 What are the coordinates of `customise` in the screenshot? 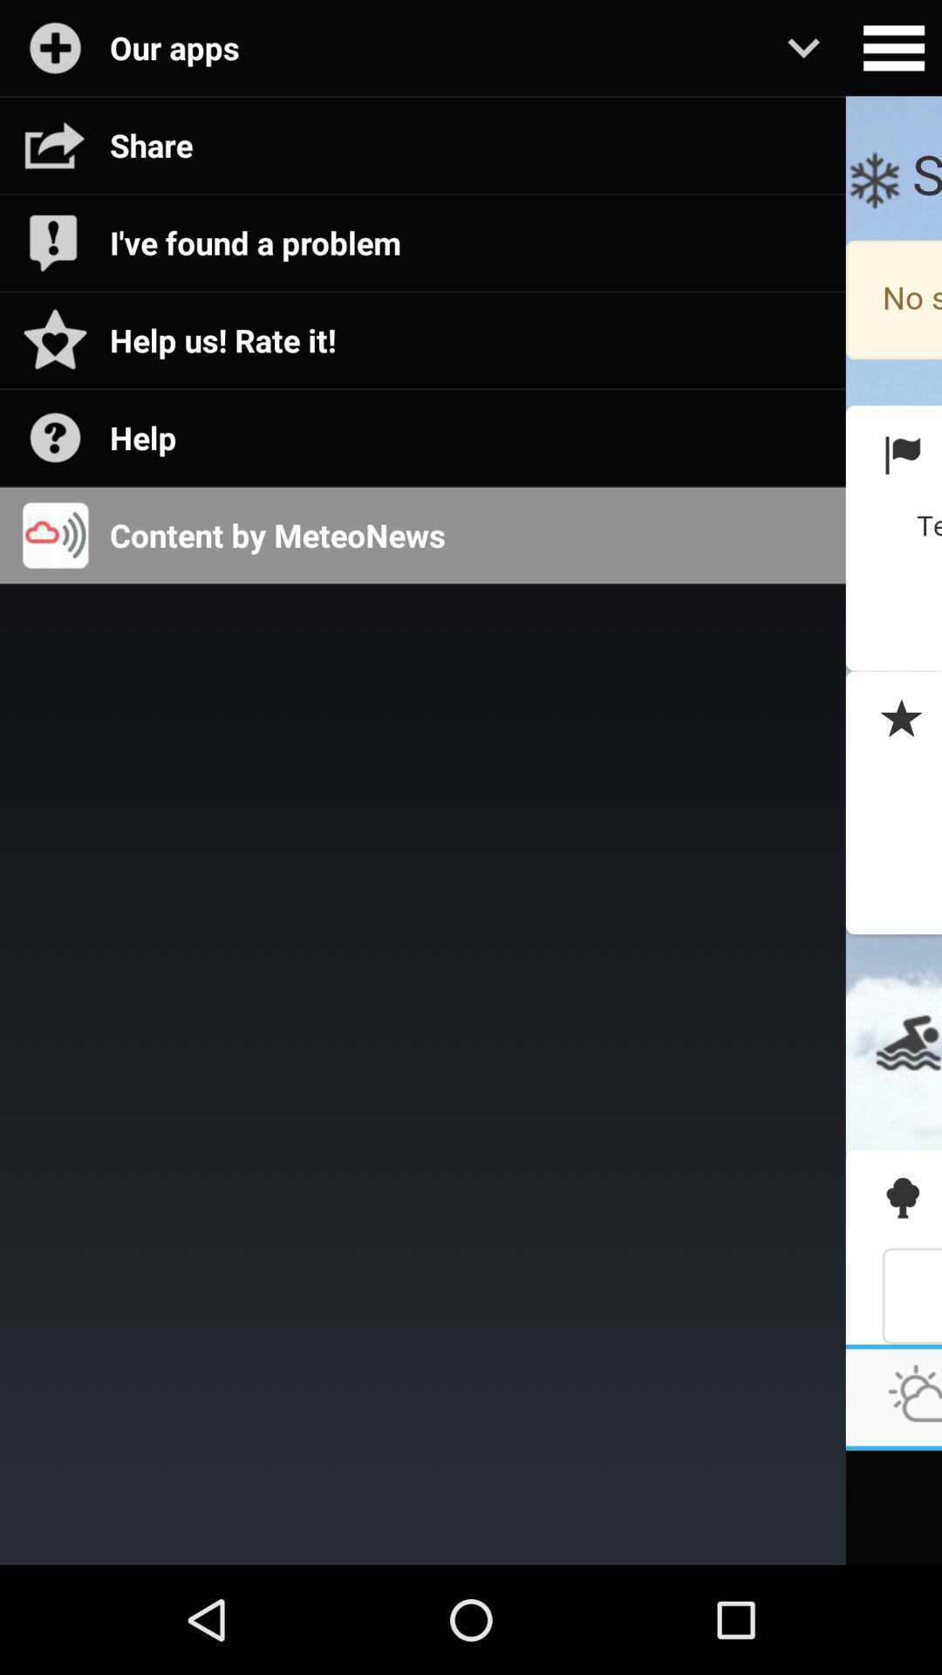 It's located at (893, 48).